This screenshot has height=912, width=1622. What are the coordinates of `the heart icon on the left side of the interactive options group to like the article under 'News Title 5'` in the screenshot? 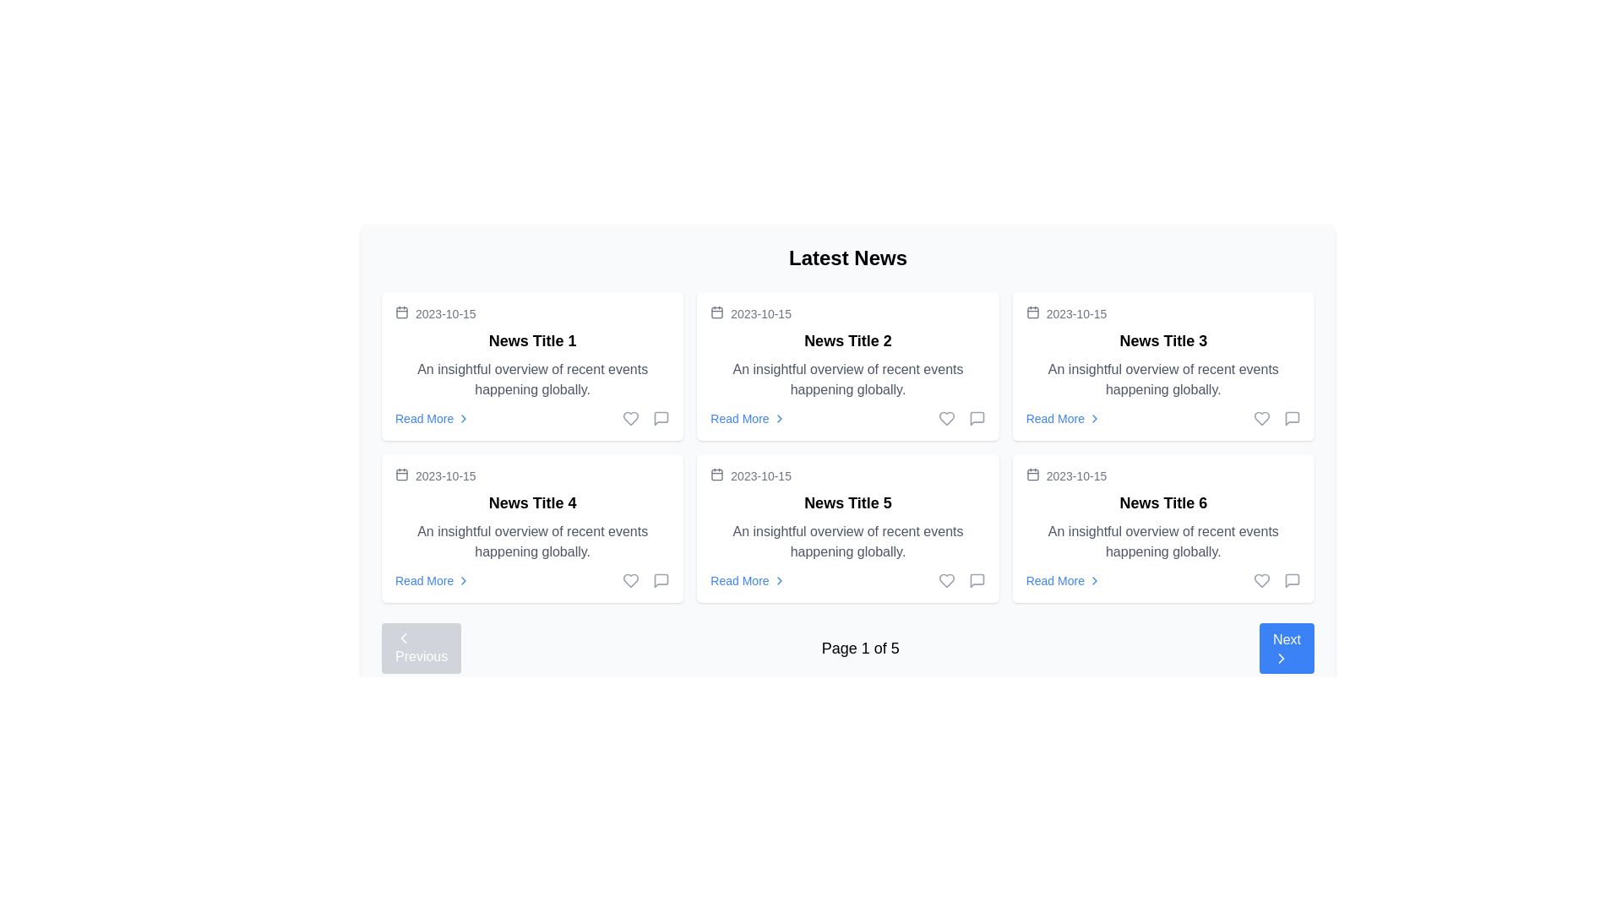 It's located at (961, 579).